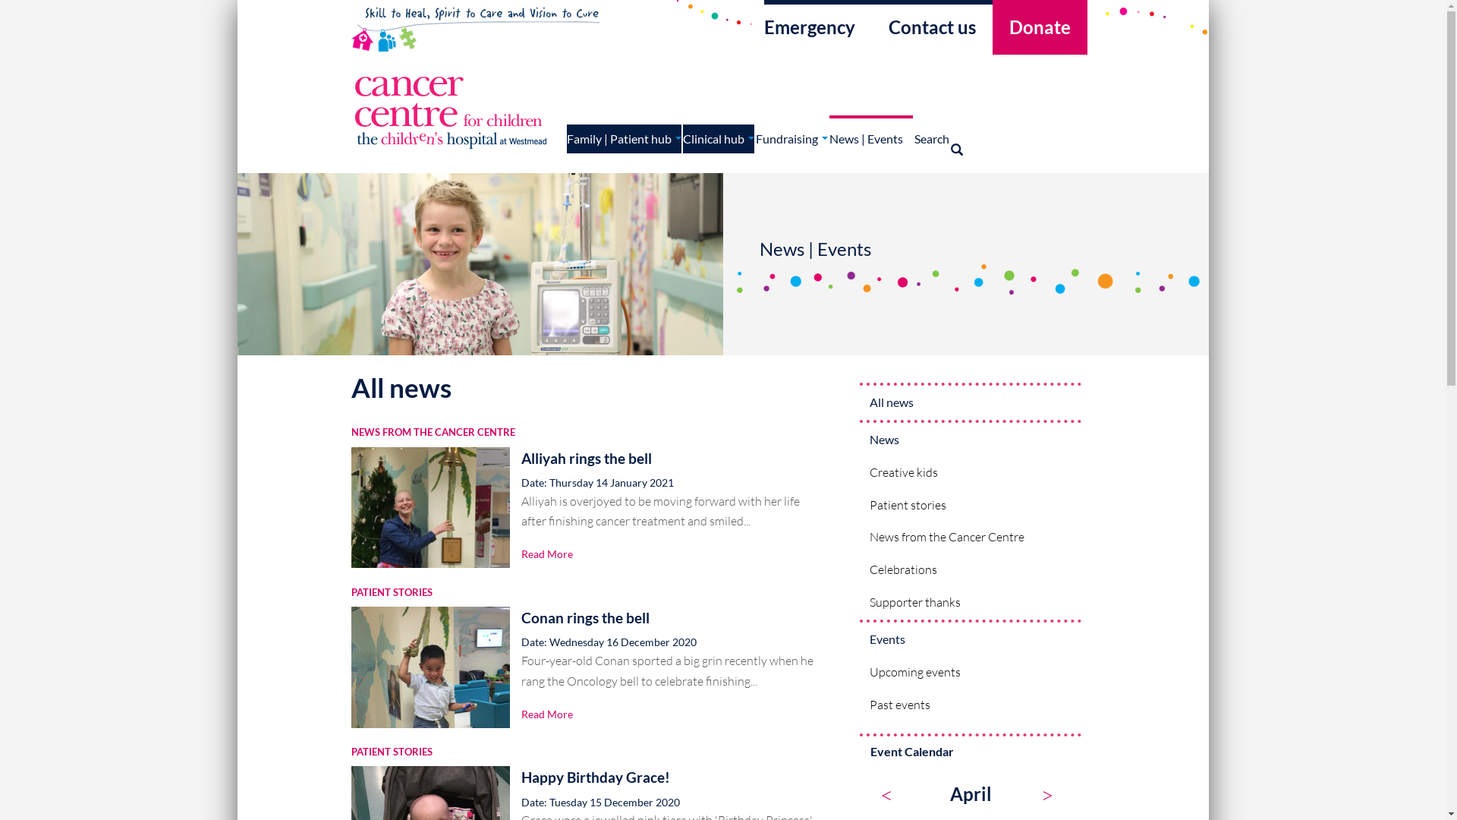 The image size is (1457, 820). Describe the element at coordinates (546, 553) in the screenshot. I see `'Read More'` at that location.